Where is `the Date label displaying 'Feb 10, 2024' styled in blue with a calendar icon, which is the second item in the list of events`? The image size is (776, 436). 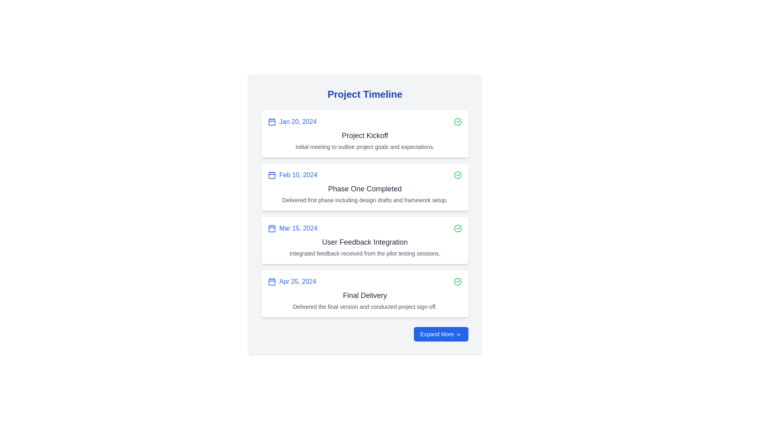
the Date label displaying 'Feb 10, 2024' styled in blue with a calendar icon, which is the second item in the list of events is located at coordinates (292, 175).